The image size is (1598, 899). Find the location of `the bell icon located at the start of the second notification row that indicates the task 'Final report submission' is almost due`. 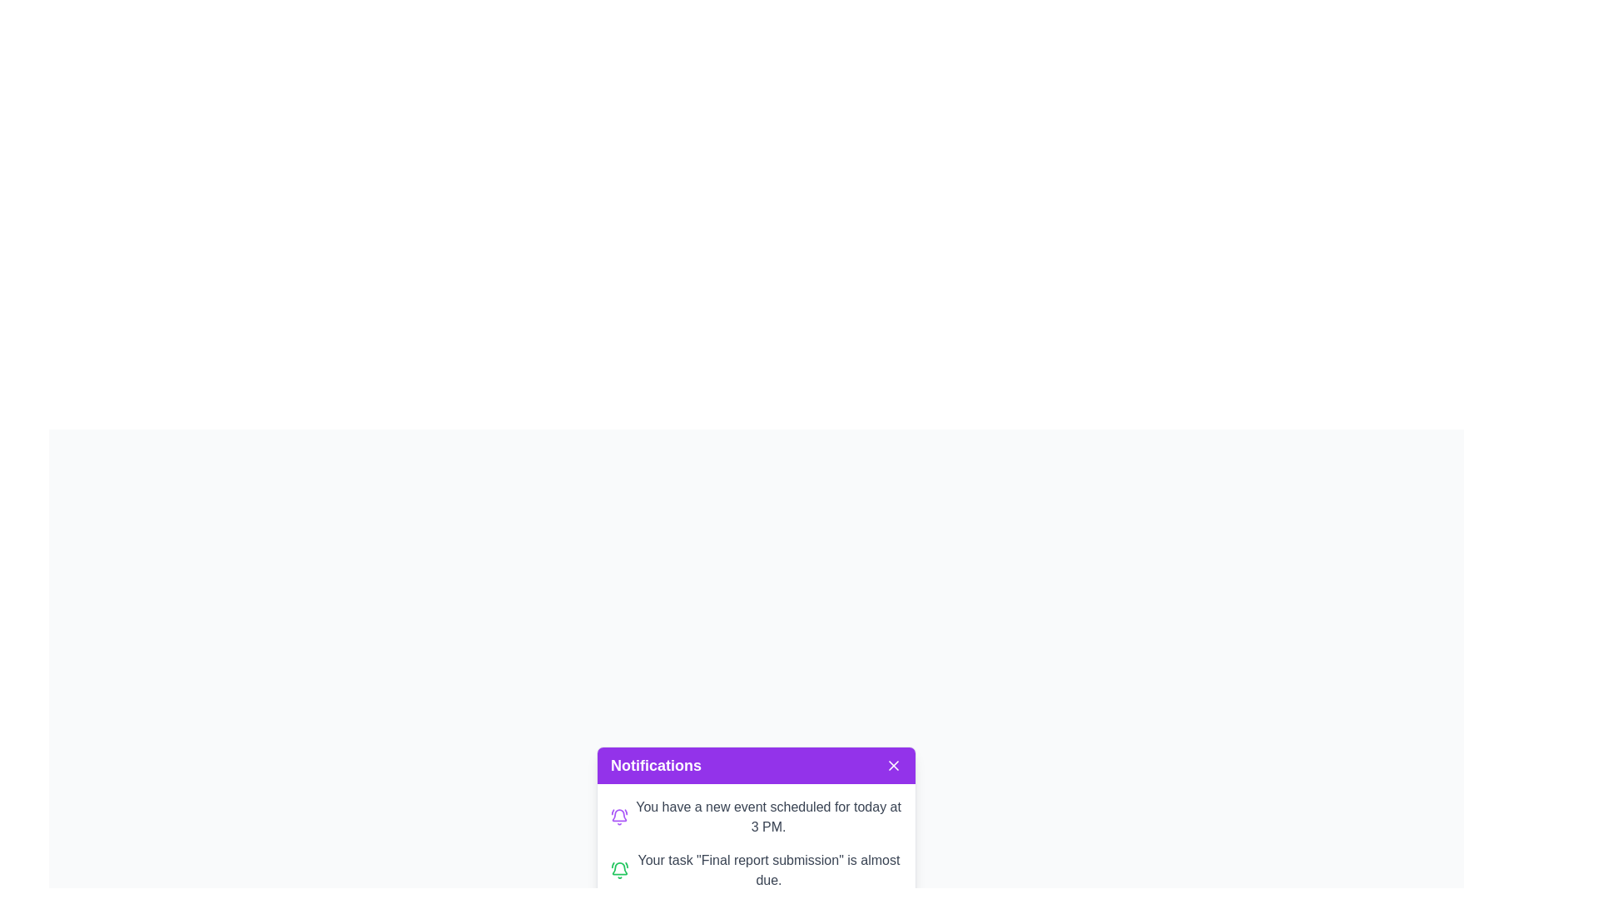

the bell icon located at the start of the second notification row that indicates the task 'Final report submission' is almost due is located at coordinates (618, 869).